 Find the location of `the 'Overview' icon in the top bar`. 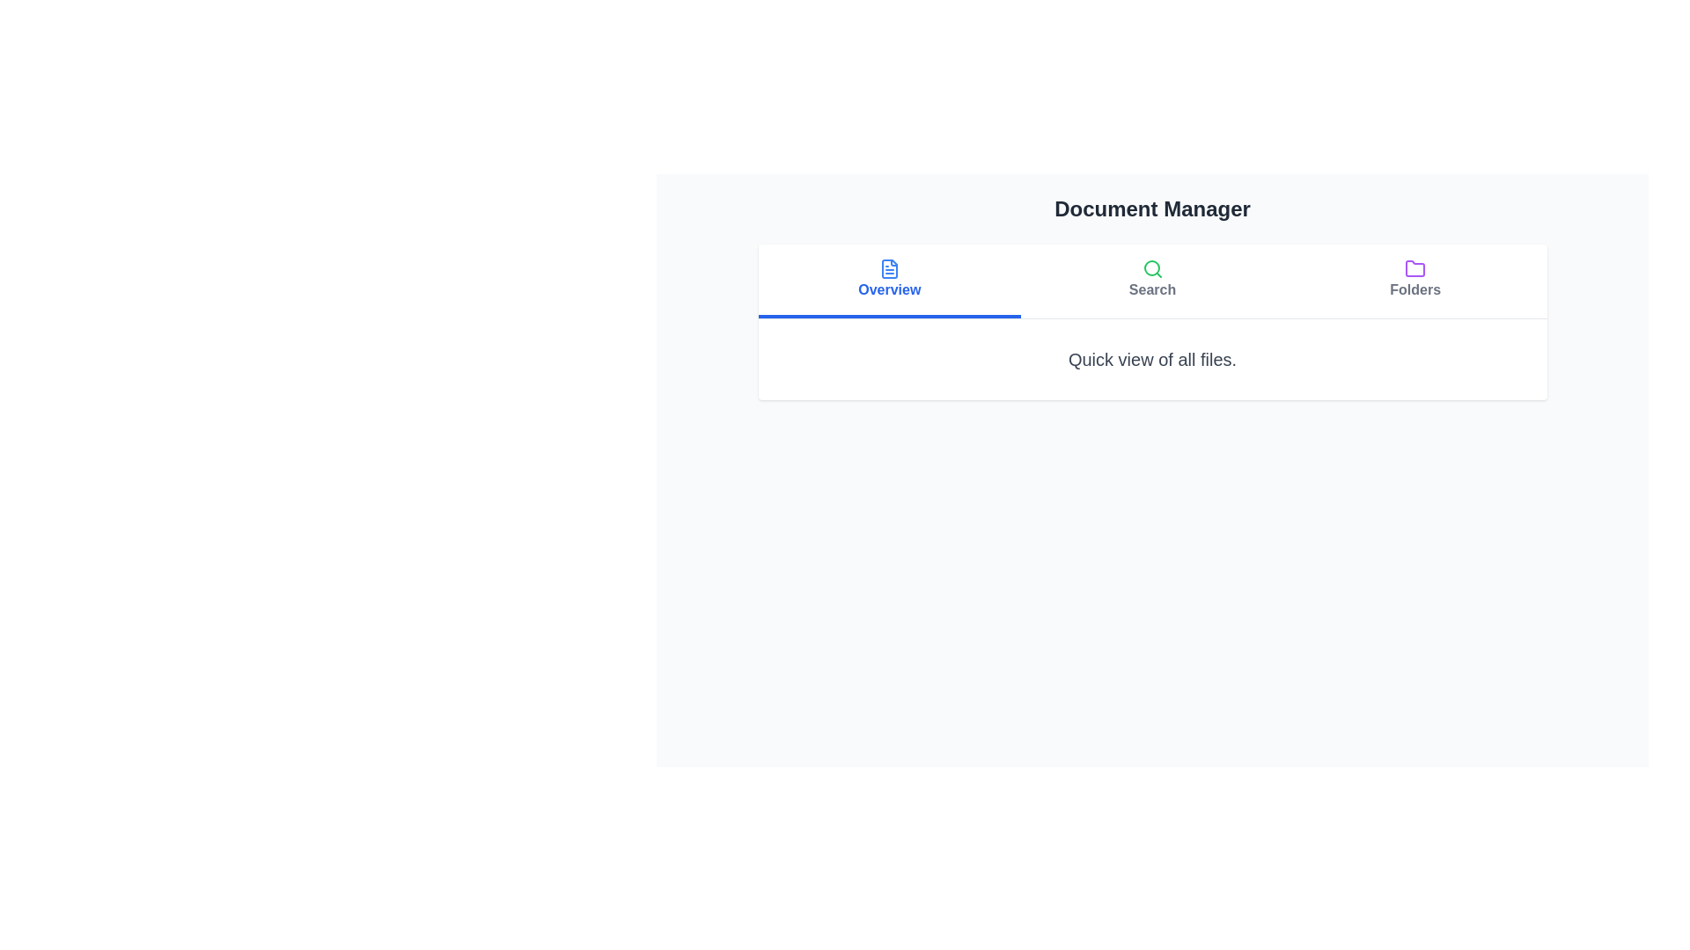

the 'Overview' icon in the top bar is located at coordinates (889, 268).